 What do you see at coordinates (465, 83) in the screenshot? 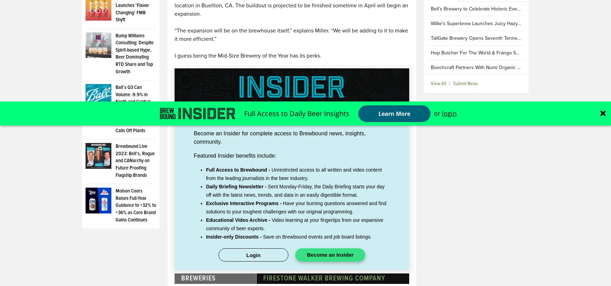
I see `'Submit News'` at bounding box center [465, 83].